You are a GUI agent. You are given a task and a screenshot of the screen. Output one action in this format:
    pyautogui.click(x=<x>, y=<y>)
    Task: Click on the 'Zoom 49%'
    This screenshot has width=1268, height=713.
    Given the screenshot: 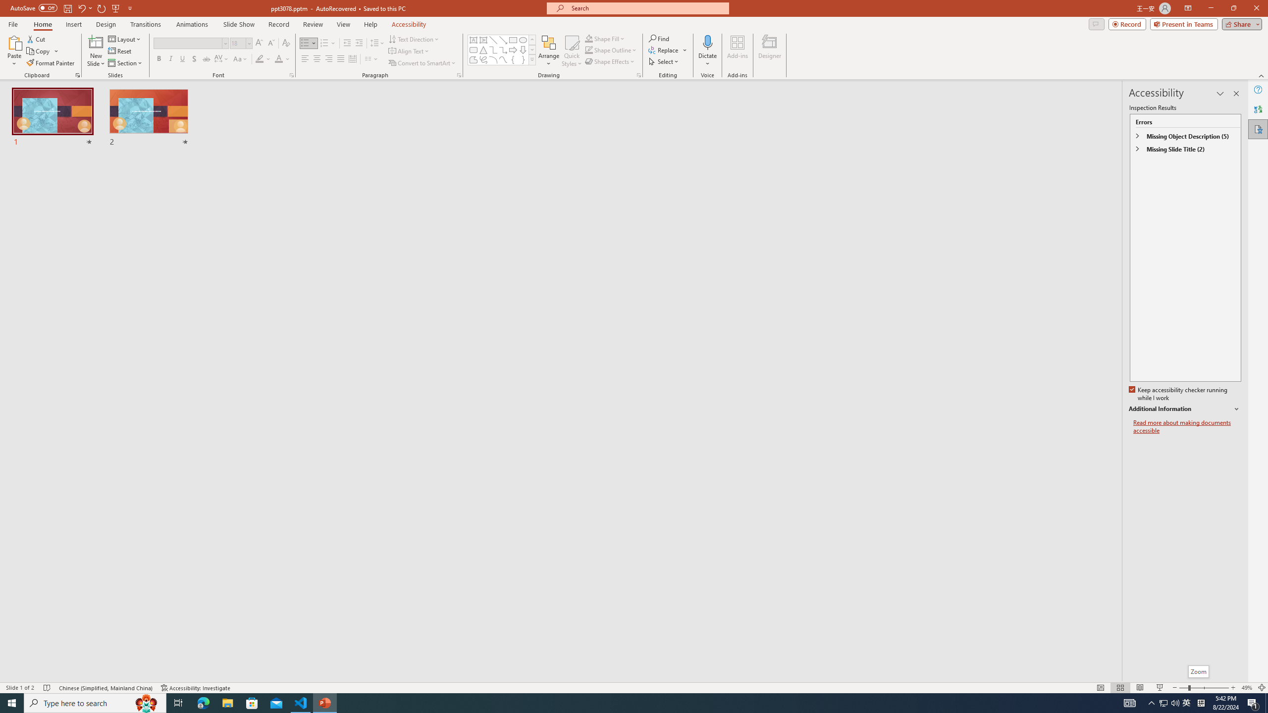 What is the action you would take?
    pyautogui.click(x=1246, y=688)
    